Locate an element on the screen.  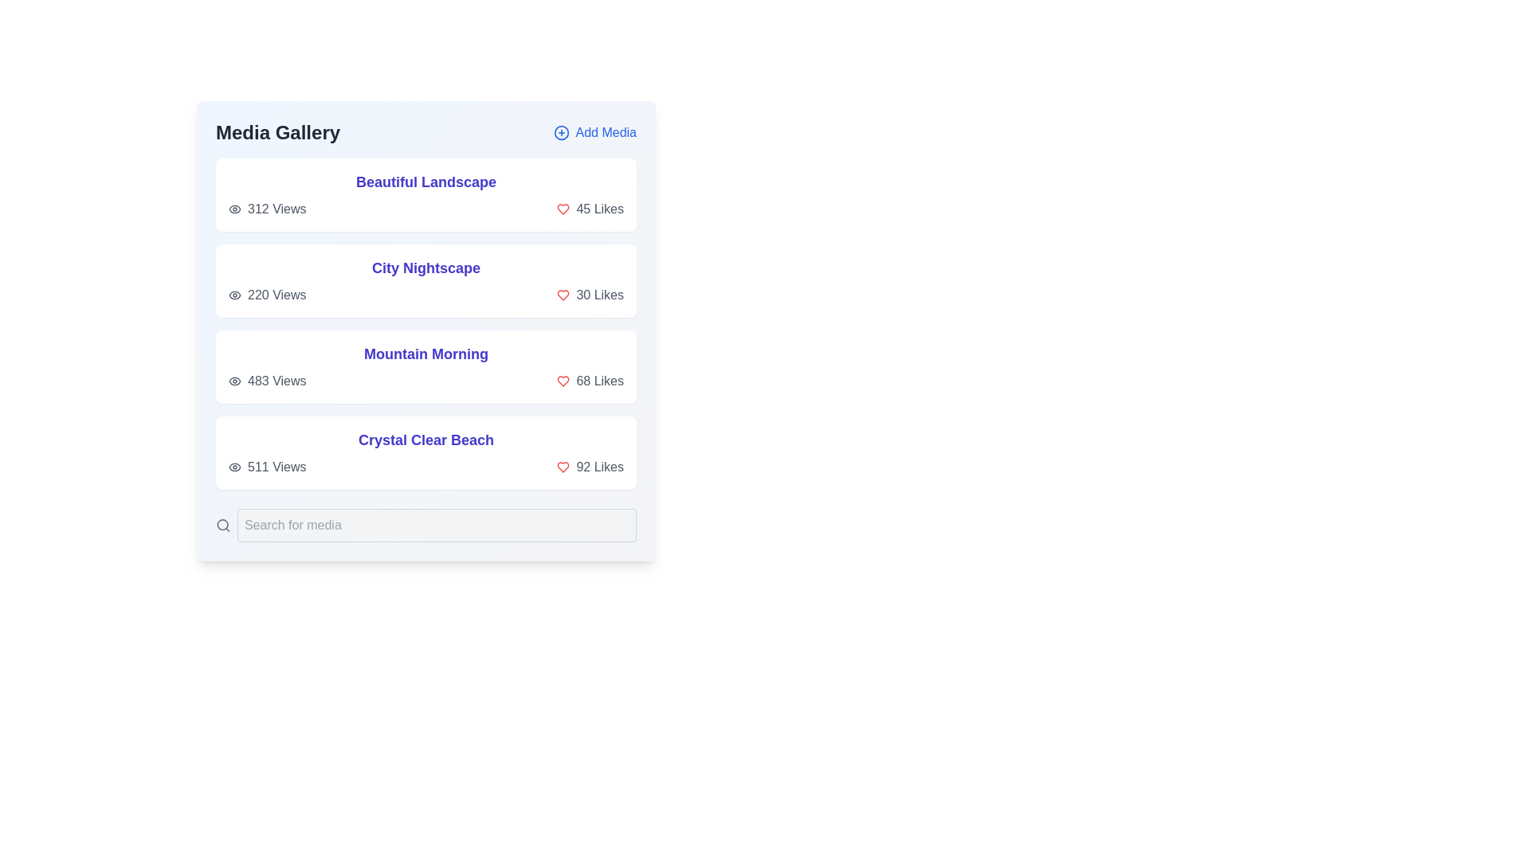
'Add Media' button to initiate adding a new media item is located at coordinates (594, 131).